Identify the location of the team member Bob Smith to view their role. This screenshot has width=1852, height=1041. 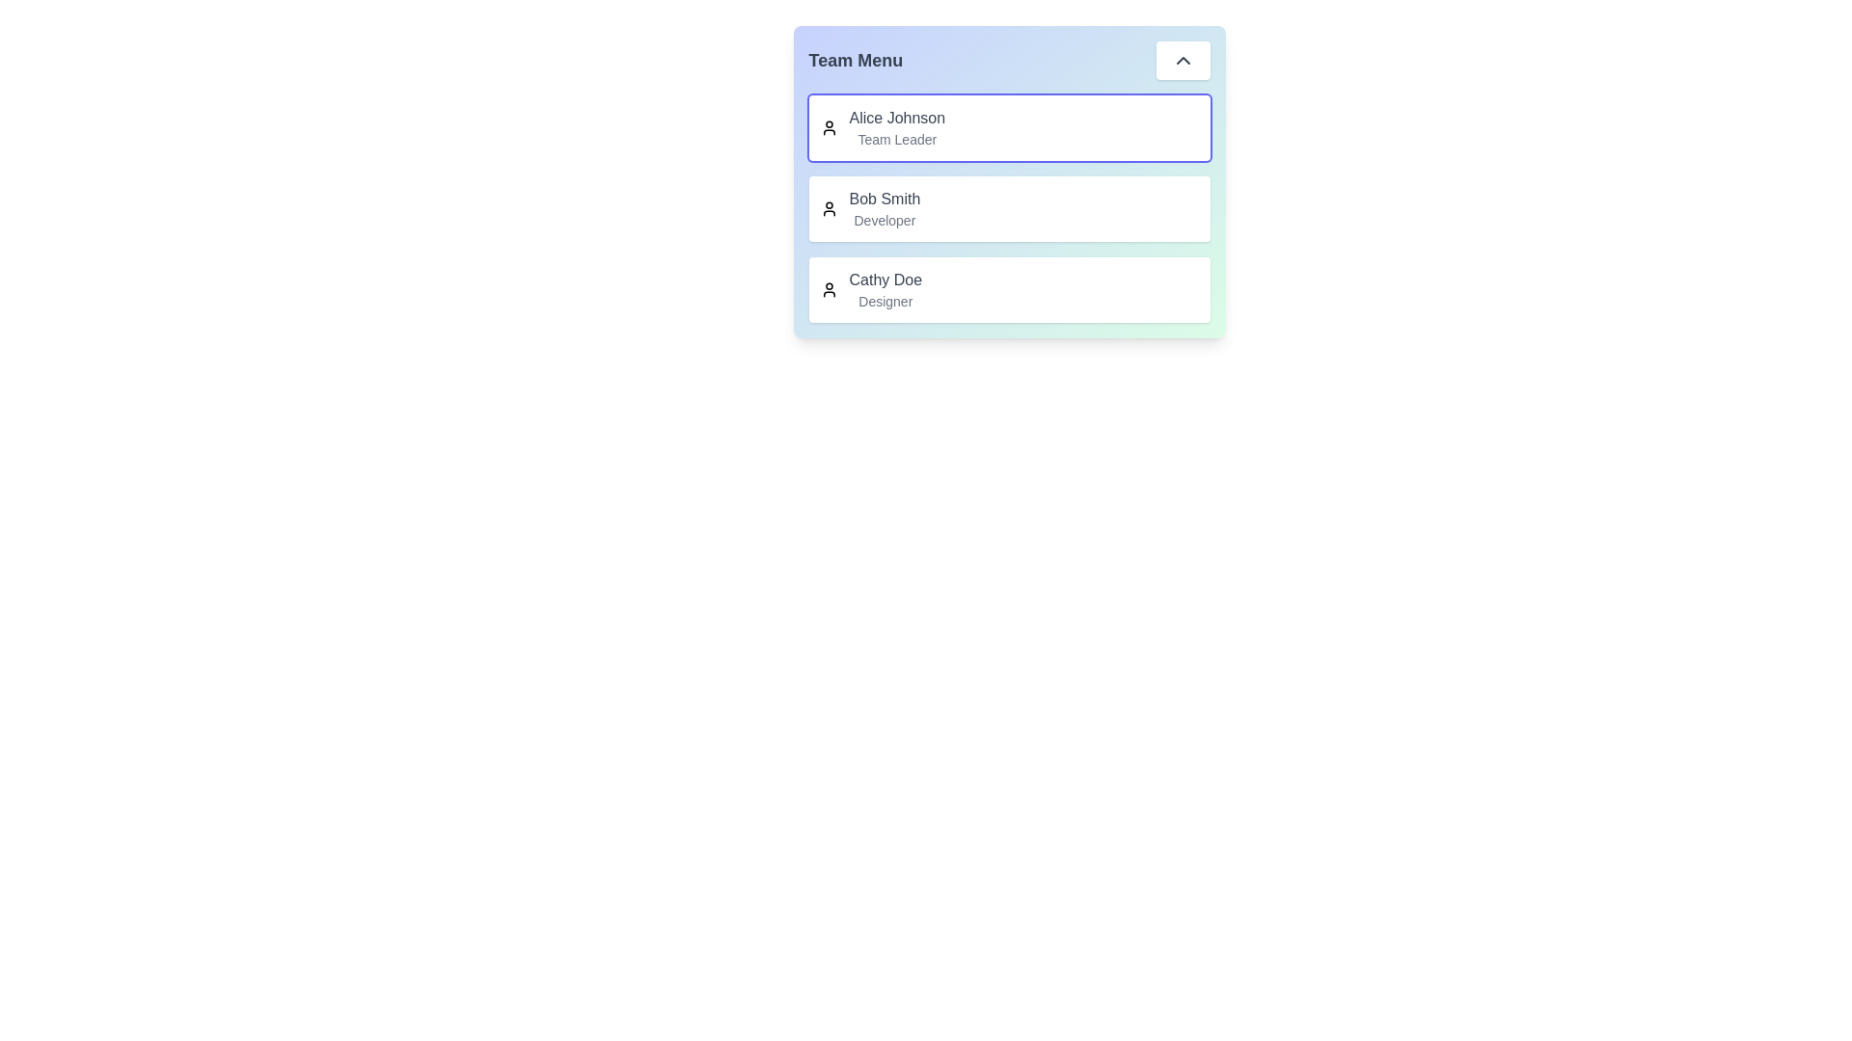
(884, 200).